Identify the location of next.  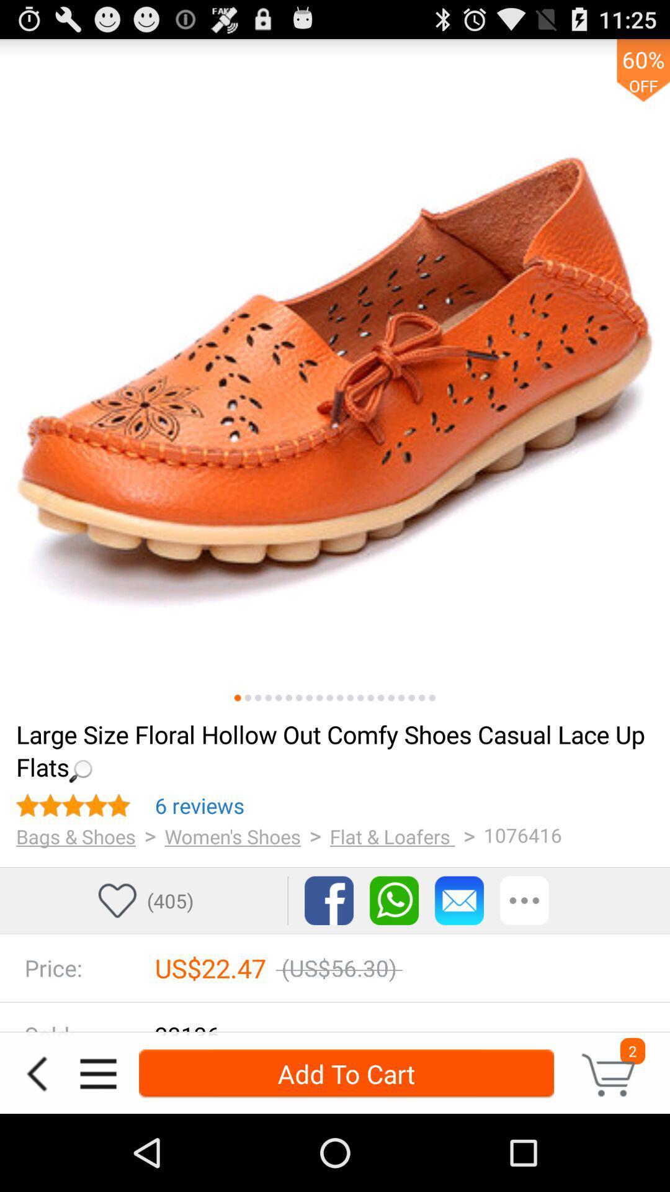
(340, 698).